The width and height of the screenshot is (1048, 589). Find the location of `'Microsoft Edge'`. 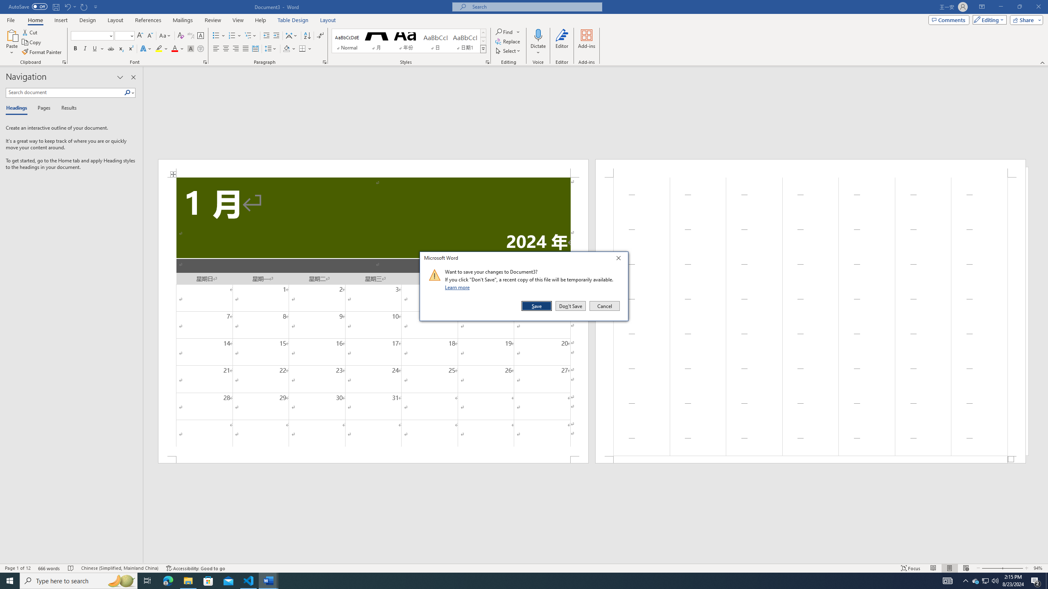

'Microsoft Edge' is located at coordinates (167, 580).